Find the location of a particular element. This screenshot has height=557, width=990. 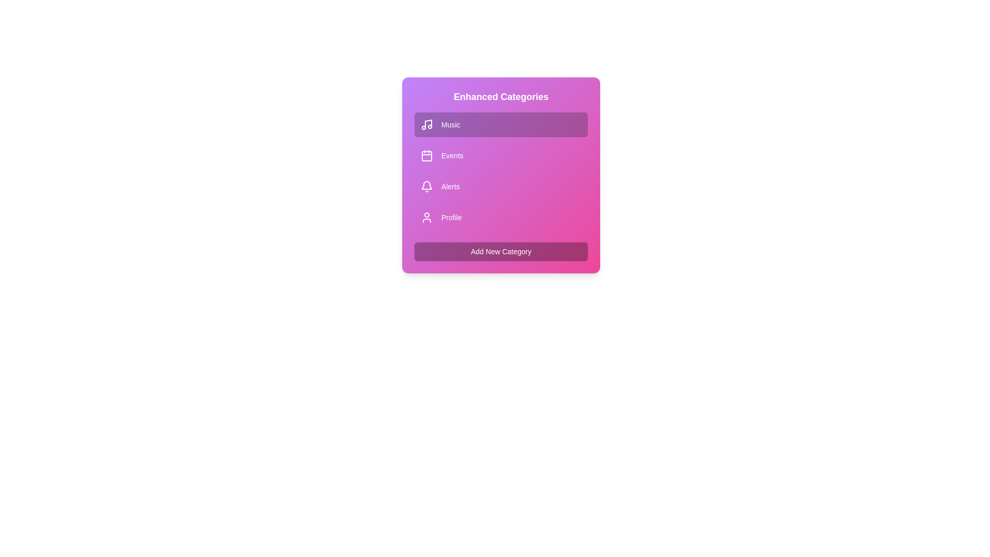

the category Music to select it is located at coordinates (501, 124).